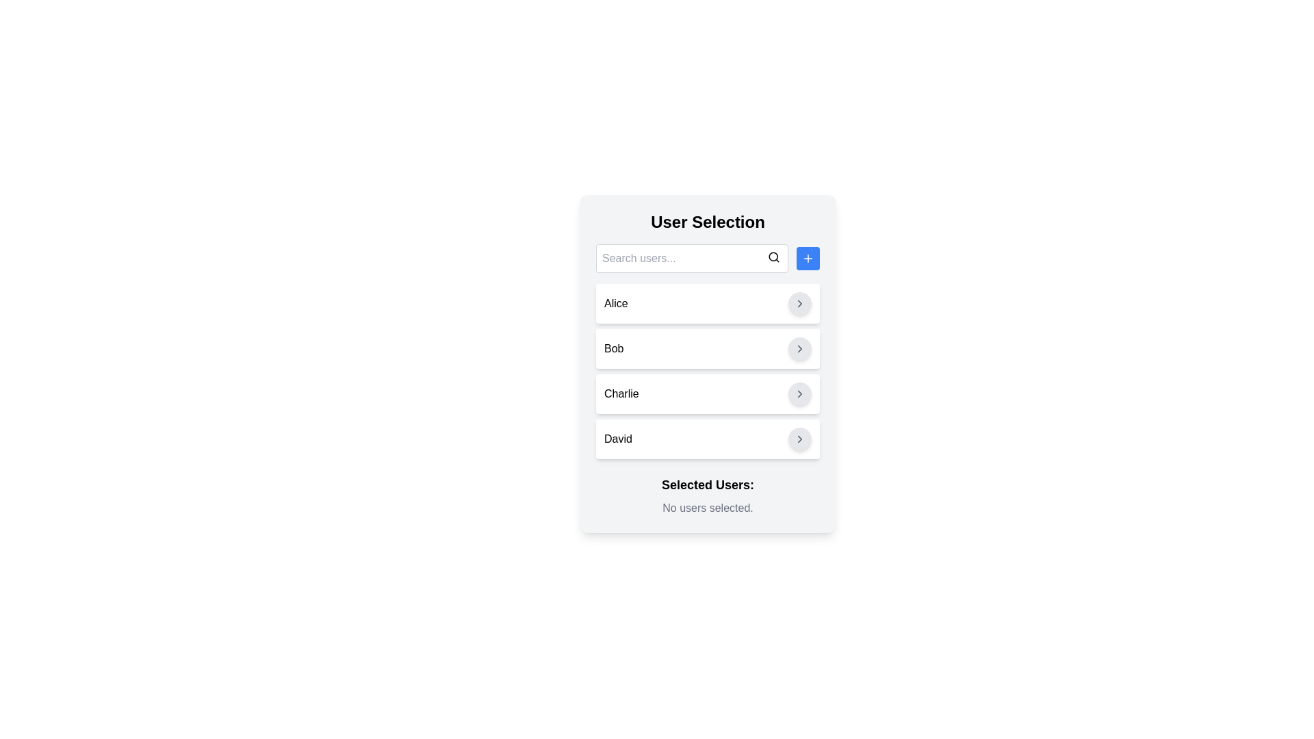 Image resolution: width=1314 pixels, height=739 pixels. What do you see at coordinates (800, 393) in the screenshot?
I see `the Icon Button (Chevron Right) associated with the list item 'Charlie' to prepare for interaction` at bounding box center [800, 393].